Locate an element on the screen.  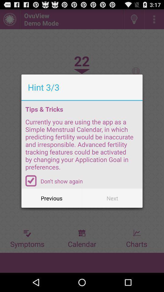
the next at the bottom right corner is located at coordinates (112, 198).